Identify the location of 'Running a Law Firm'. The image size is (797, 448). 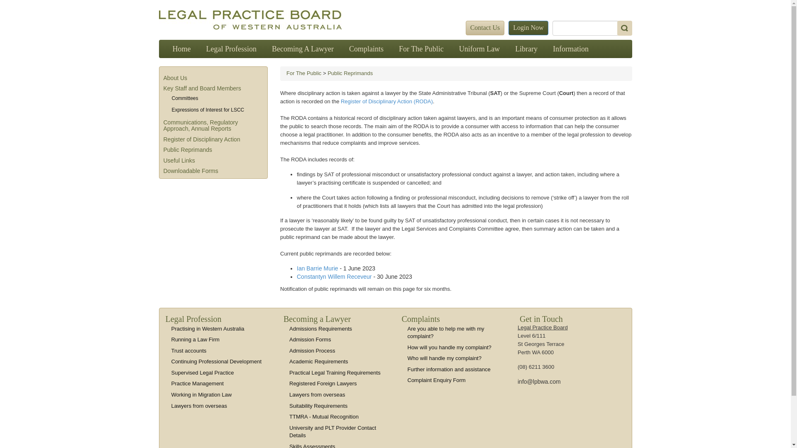
(195, 339).